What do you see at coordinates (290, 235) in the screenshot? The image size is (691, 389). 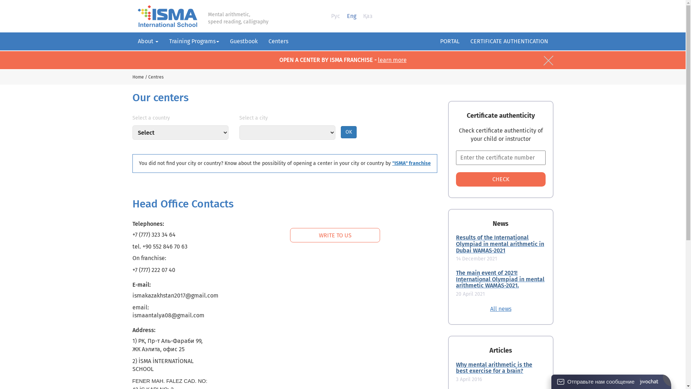 I see `'WRITE TO US'` at bounding box center [290, 235].